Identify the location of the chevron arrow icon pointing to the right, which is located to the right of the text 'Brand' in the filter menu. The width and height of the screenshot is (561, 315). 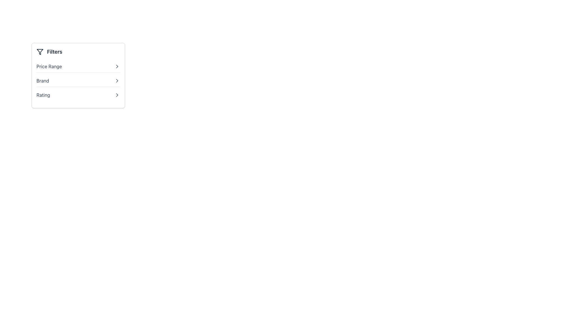
(117, 81).